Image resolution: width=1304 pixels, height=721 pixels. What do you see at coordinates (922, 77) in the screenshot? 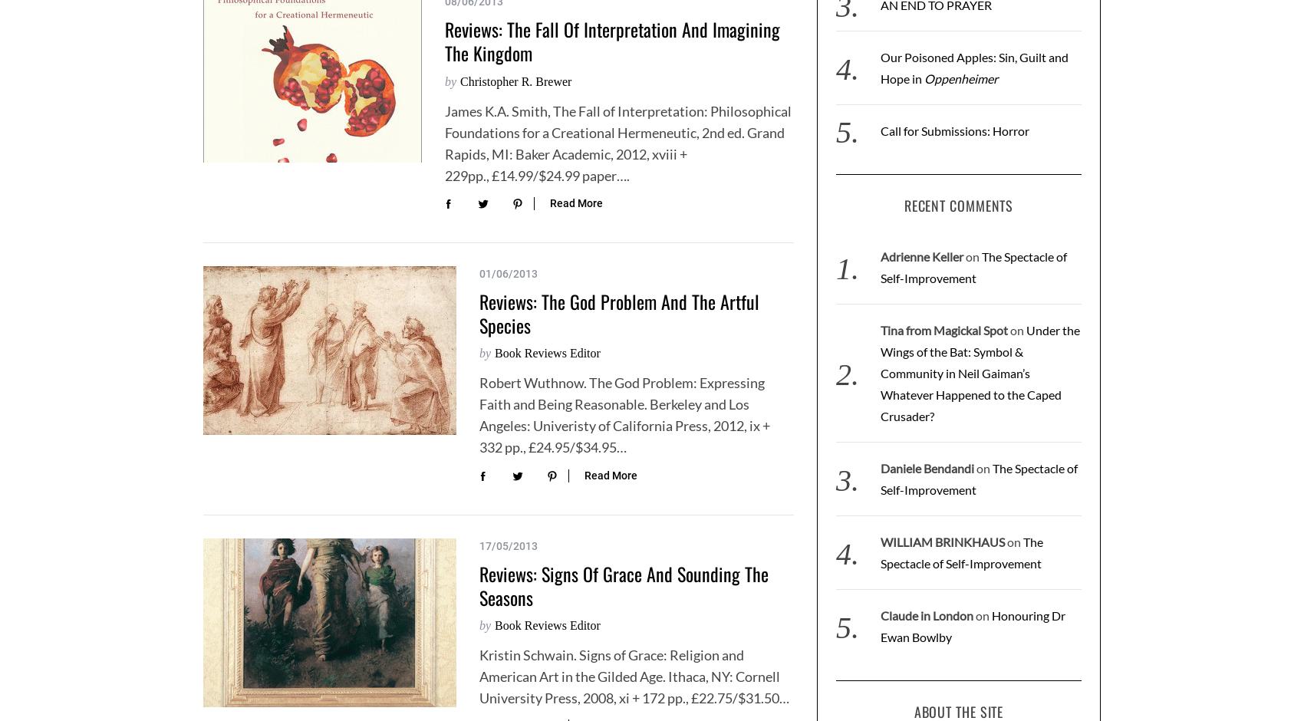
I see `'Oppenheimer'` at bounding box center [922, 77].